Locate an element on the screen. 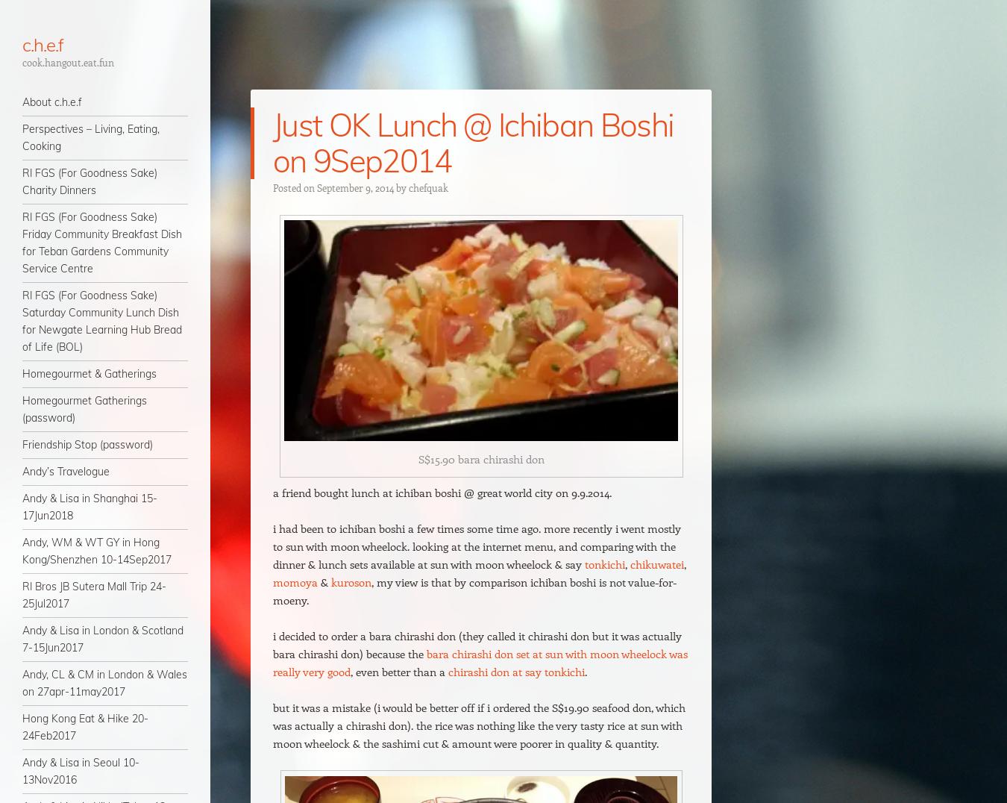  'Homegourmet & Gatherings' is located at coordinates (90, 373).